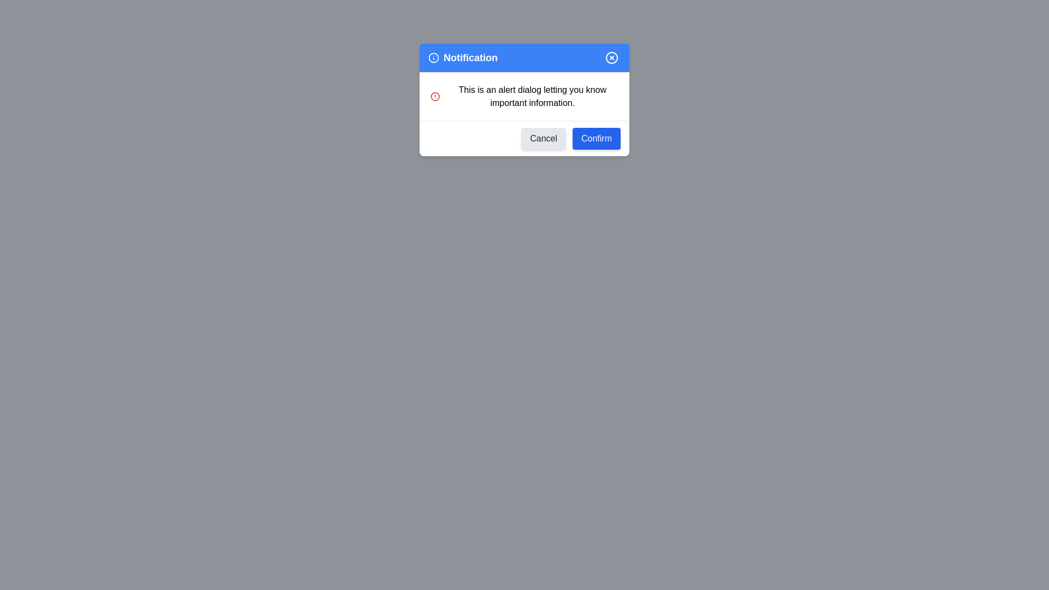  Describe the element at coordinates (596, 138) in the screenshot. I see `the confirmation action button located in the lower-right section of the dialog window` at that location.